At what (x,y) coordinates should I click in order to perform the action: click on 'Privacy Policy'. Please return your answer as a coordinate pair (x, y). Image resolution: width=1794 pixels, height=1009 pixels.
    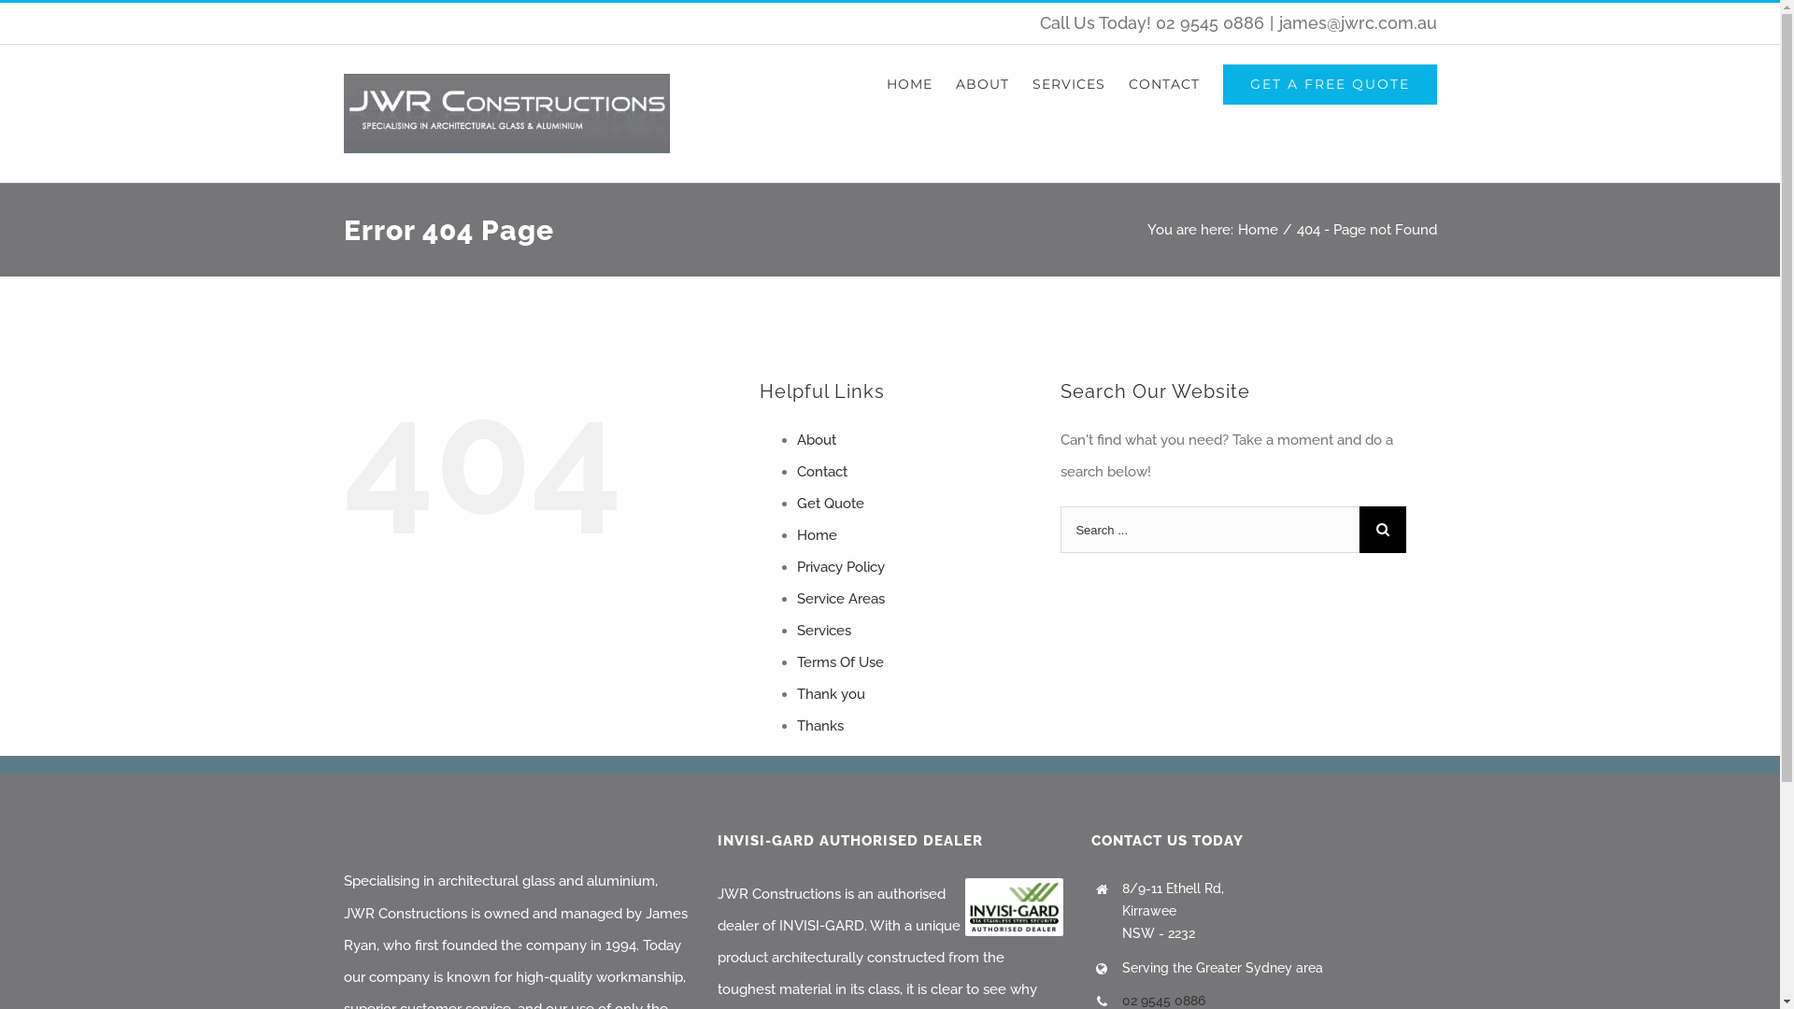
    Looking at the image, I should click on (838, 565).